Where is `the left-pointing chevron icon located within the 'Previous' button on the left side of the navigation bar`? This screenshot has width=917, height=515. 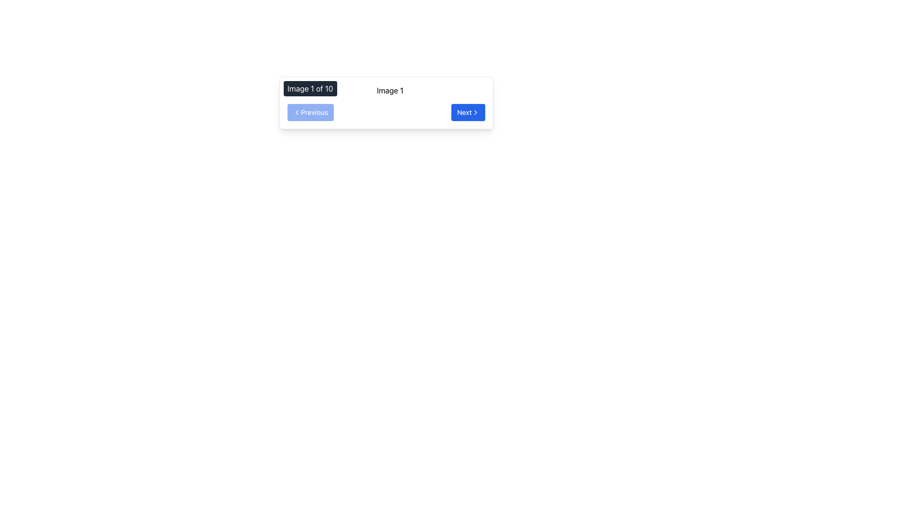 the left-pointing chevron icon located within the 'Previous' button on the left side of the navigation bar is located at coordinates (297, 112).